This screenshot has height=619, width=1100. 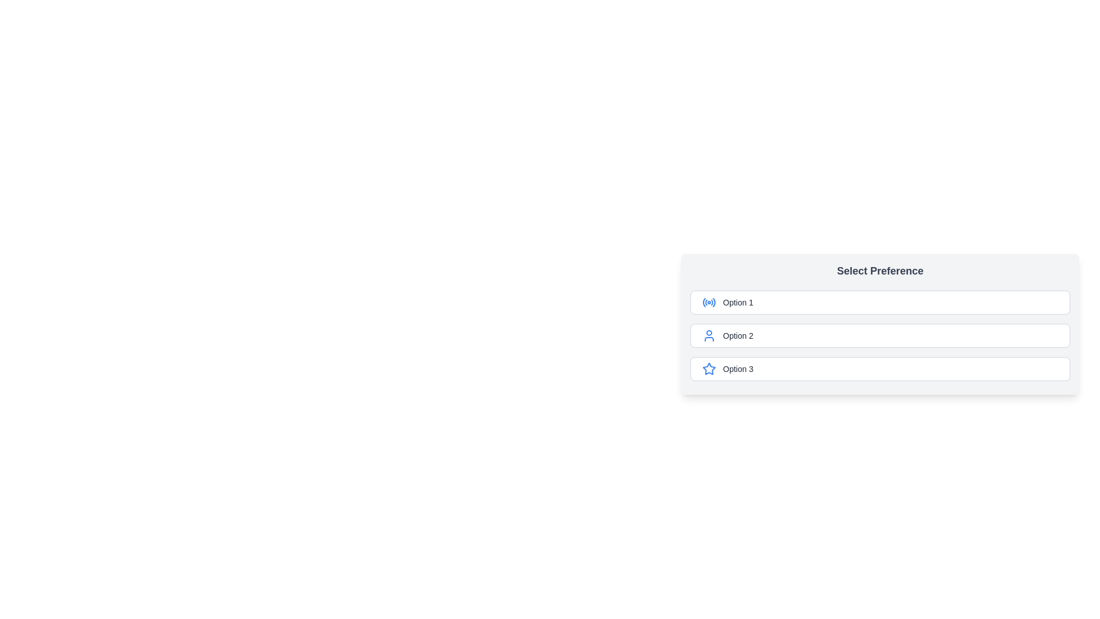 What do you see at coordinates (879, 369) in the screenshot?
I see `the third radio button option labeled 'Option 3'` at bounding box center [879, 369].